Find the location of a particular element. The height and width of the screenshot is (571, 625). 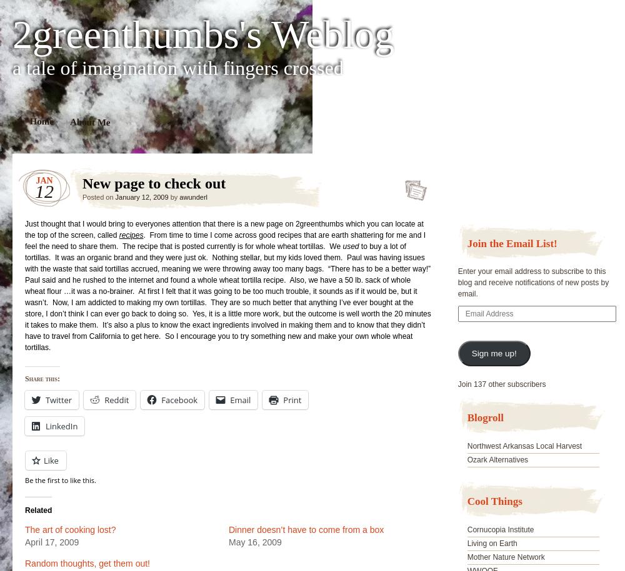

'used' is located at coordinates (351, 246).